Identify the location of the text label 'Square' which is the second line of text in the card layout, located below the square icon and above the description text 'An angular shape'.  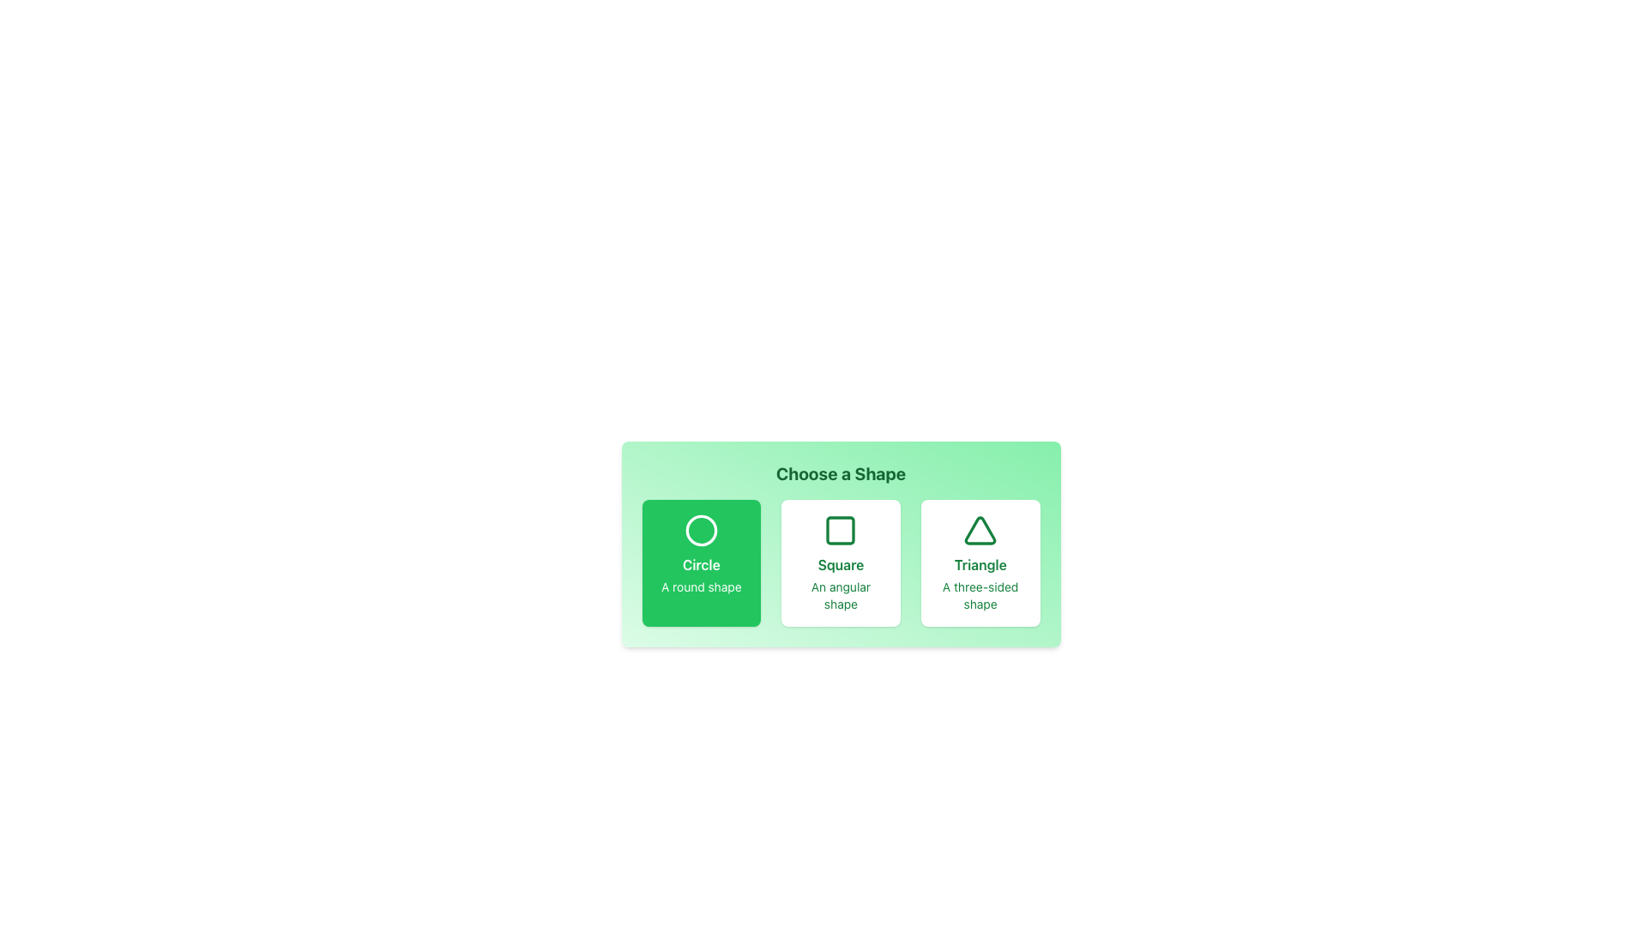
(841, 565).